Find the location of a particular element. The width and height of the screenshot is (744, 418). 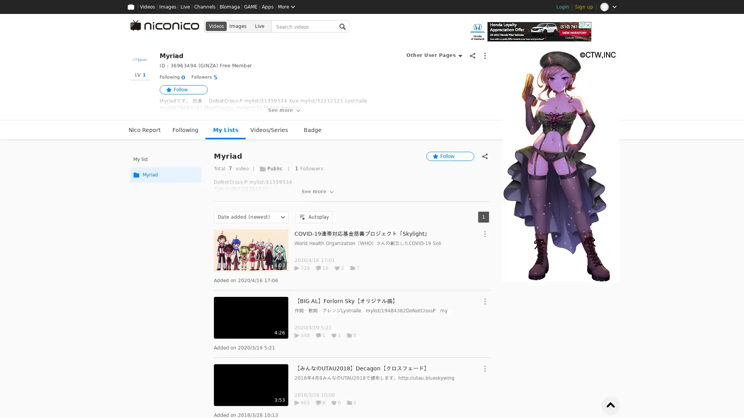

See more is located at coordinates (284, 110).